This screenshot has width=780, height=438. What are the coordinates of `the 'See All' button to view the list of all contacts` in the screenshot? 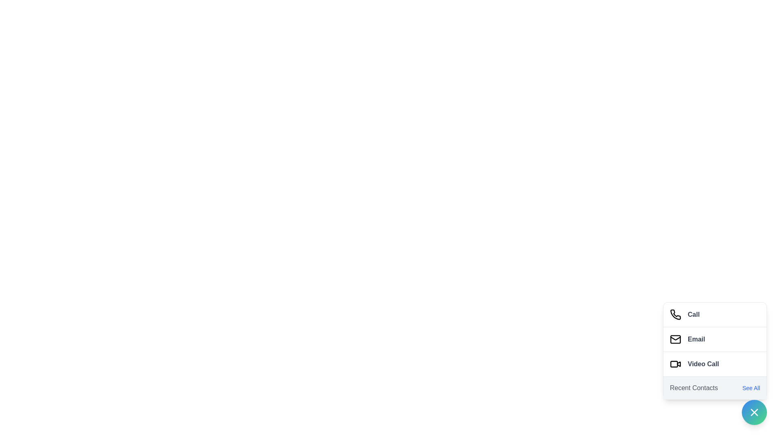 It's located at (750, 387).